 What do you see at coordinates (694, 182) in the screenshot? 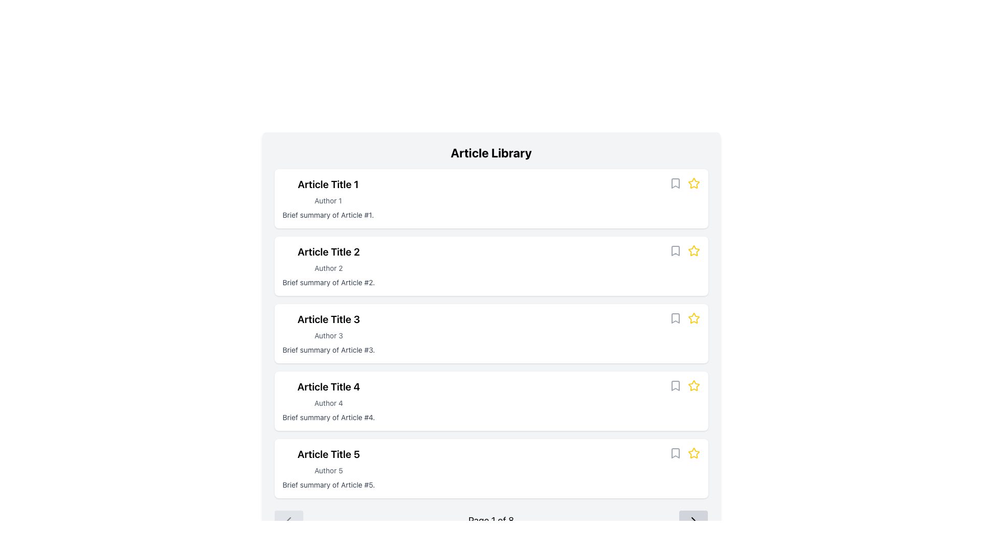
I see `the Star icon for rating located in the first row of the article list` at bounding box center [694, 182].